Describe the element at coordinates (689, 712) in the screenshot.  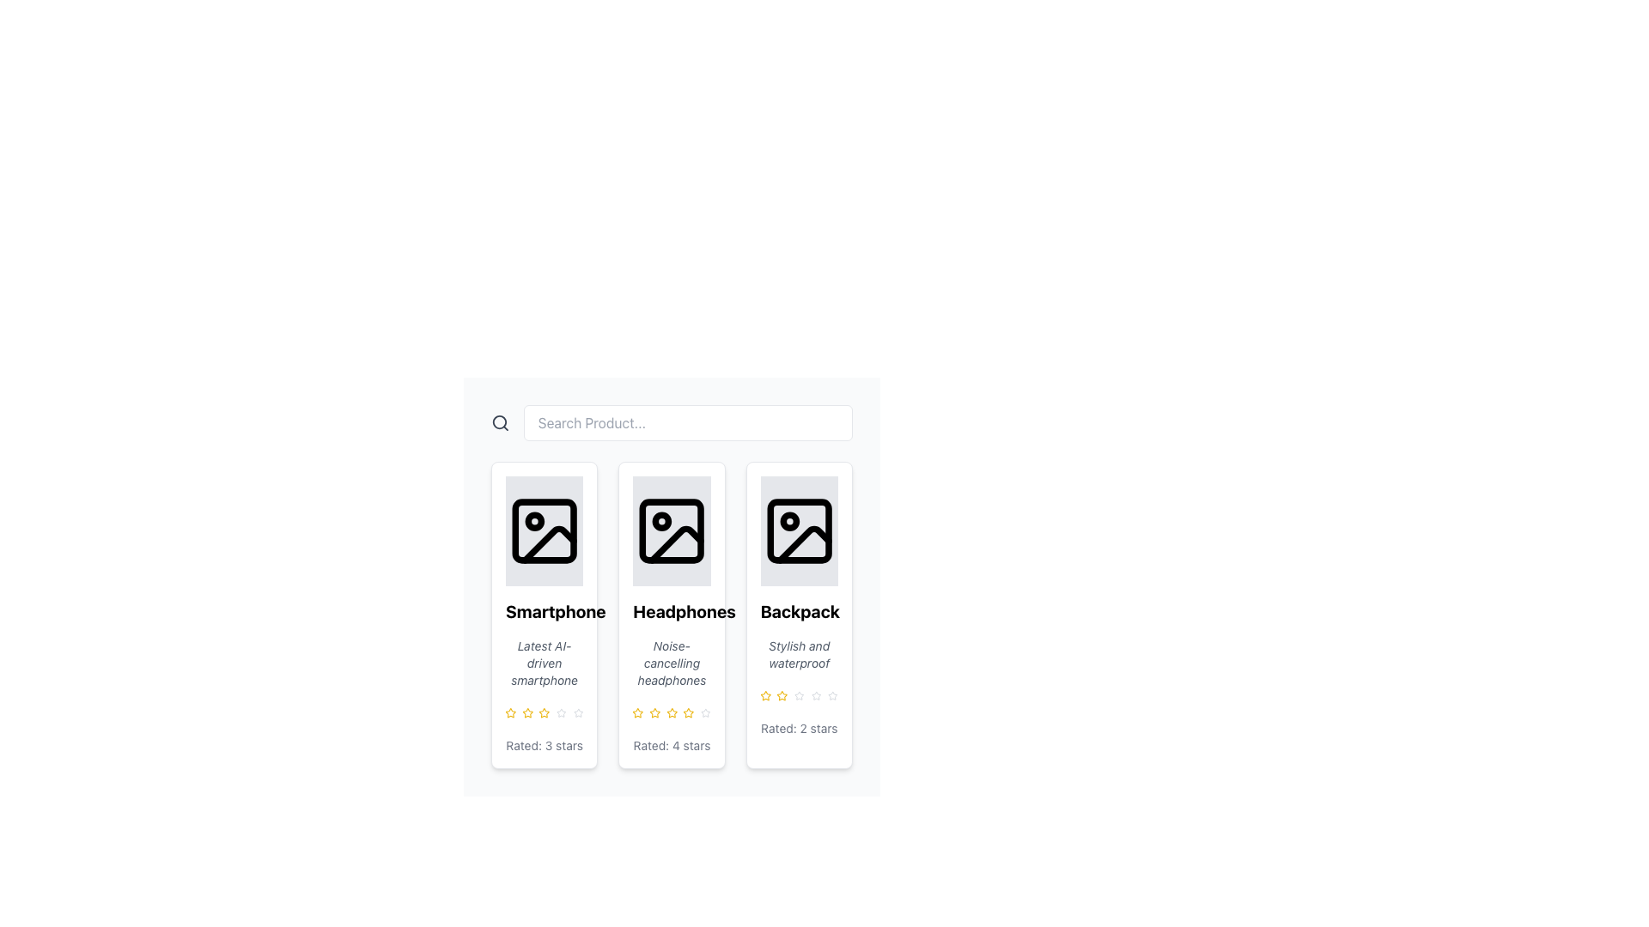
I see `the fourth star icon in the rating stars of the product 'Headphones'` at that location.